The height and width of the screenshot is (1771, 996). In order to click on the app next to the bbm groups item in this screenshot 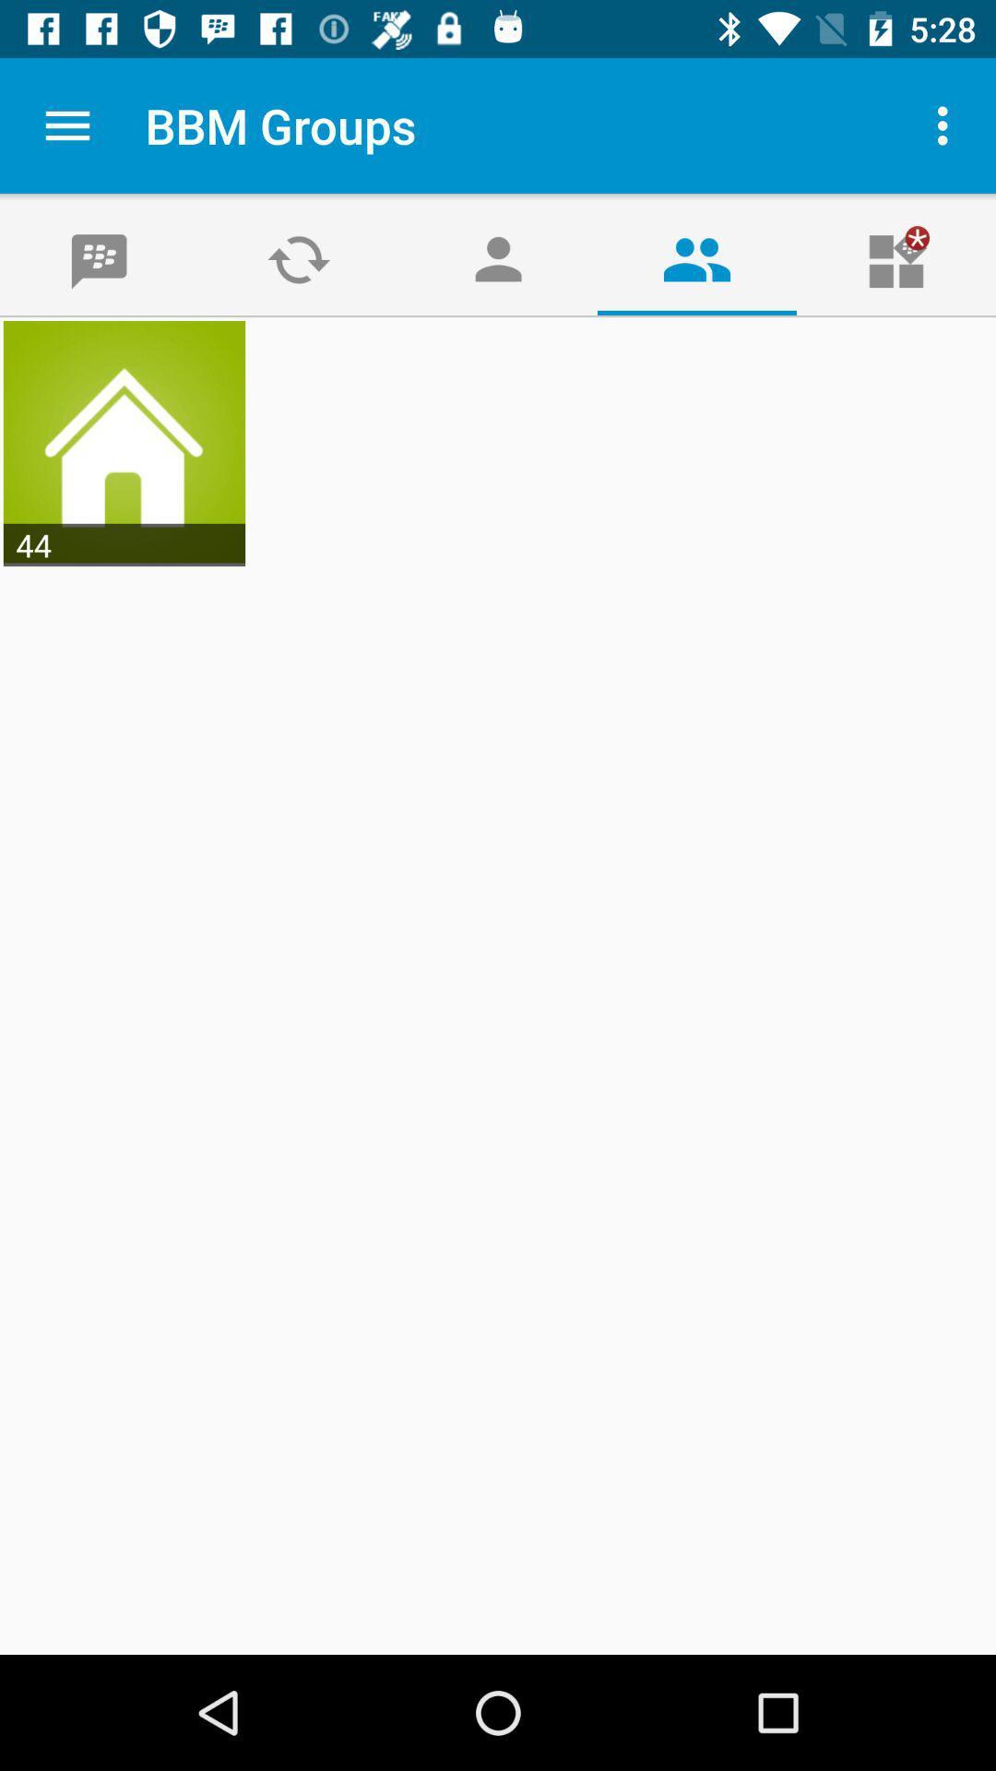, I will do `click(66, 125)`.